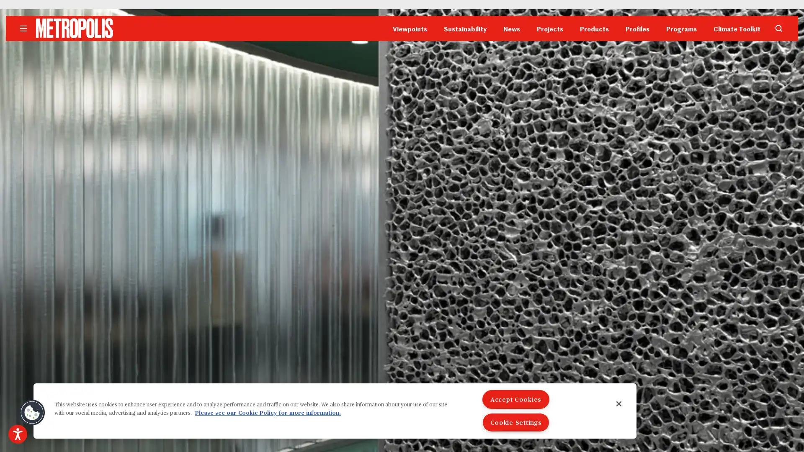 This screenshot has width=804, height=452. I want to click on Close, so click(510, 92).